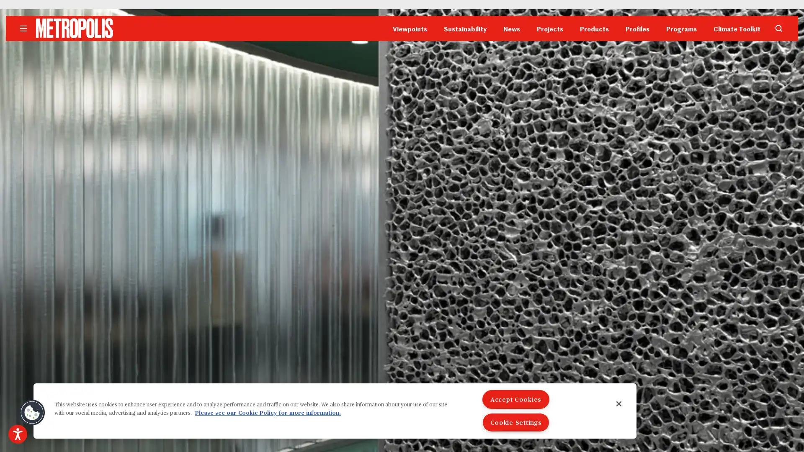 This screenshot has width=804, height=452. I want to click on Close, so click(510, 92).